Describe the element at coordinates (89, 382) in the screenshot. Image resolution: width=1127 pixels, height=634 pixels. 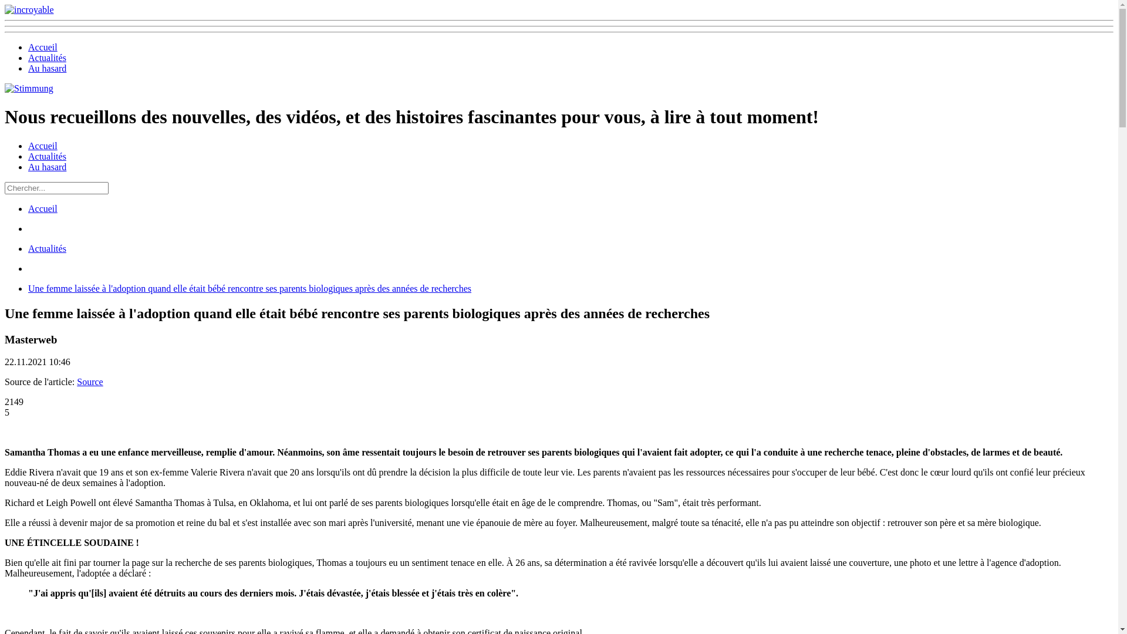
I see `'Source'` at that location.